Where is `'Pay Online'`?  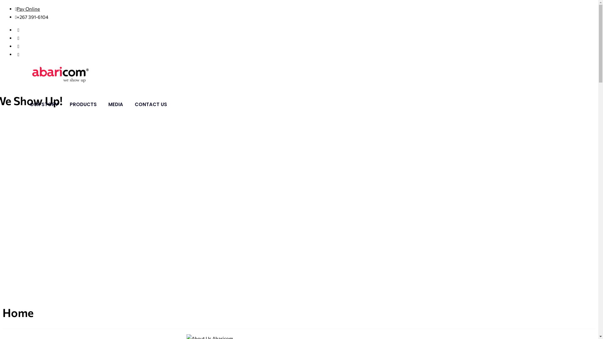 'Pay Online' is located at coordinates (16, 8).